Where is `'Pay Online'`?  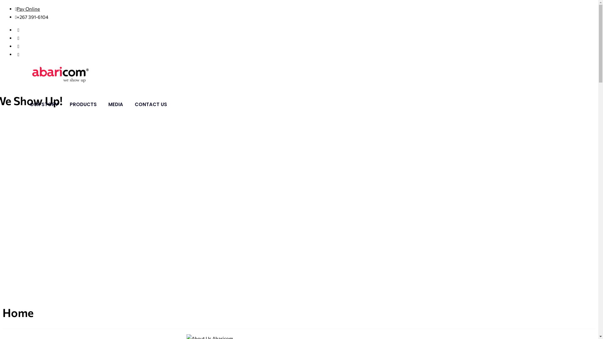 'Pay Online' is located at coordinates (16, 8).